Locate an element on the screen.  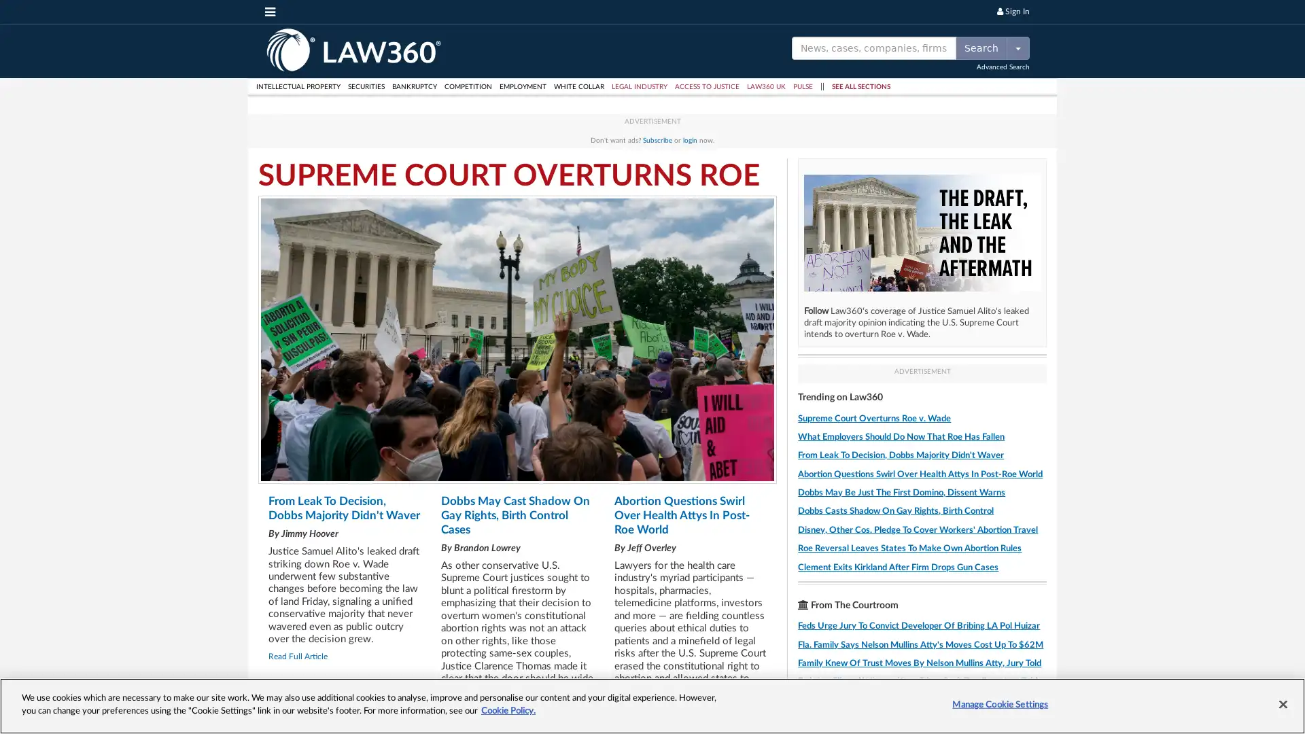
Search is located at coordinates (981, 46).